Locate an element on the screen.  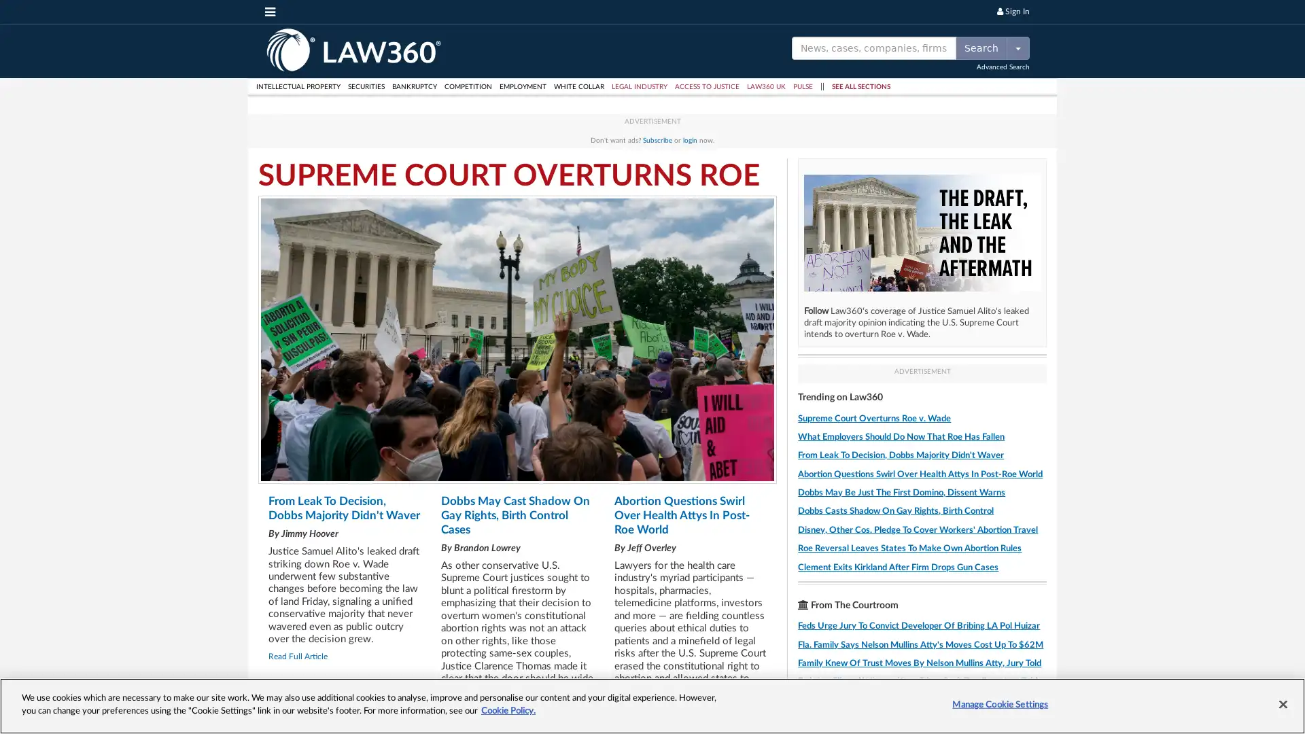
Search is located at coordinates (981, 46).